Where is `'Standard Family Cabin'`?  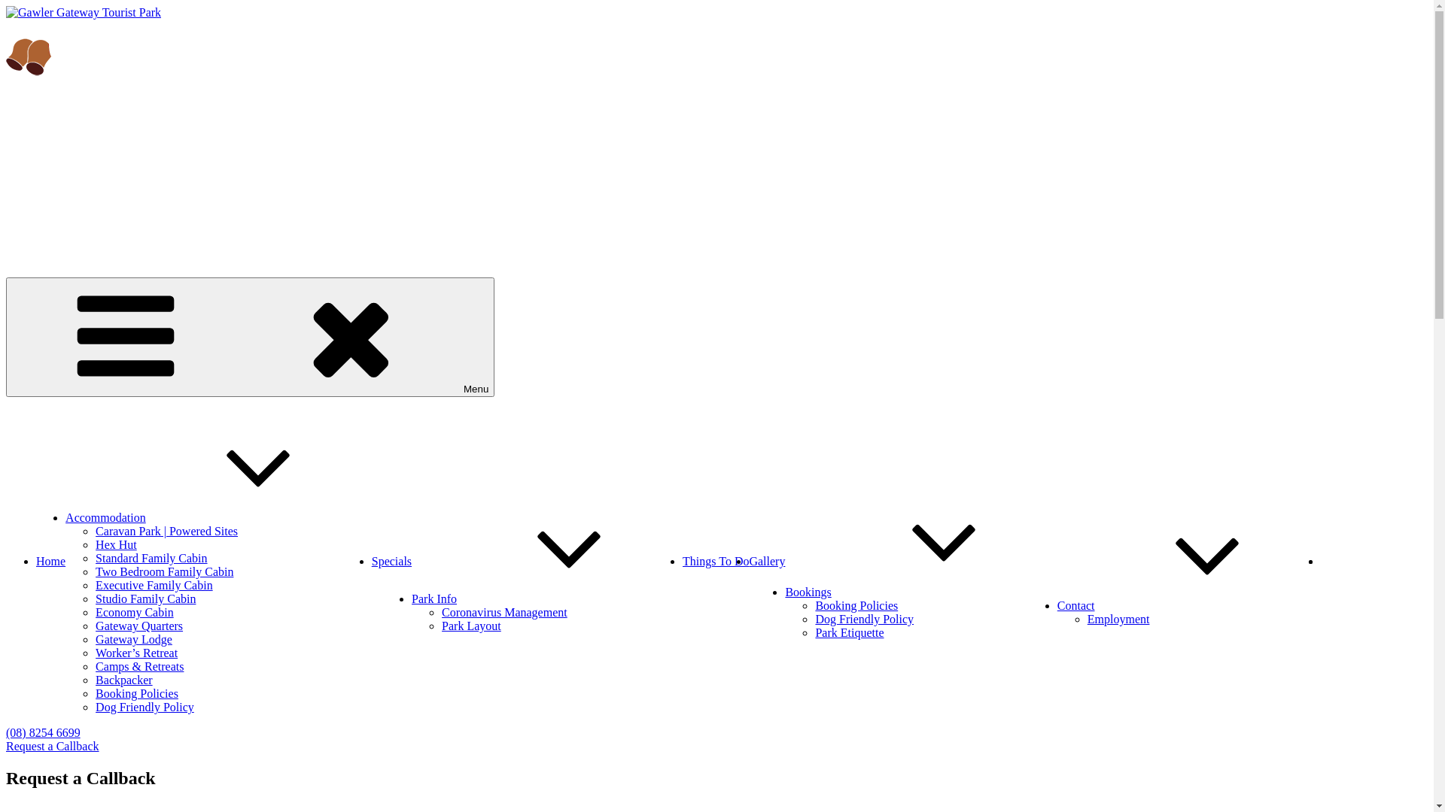
'Standard Family Cabin' is located at coordinates (151, 558).